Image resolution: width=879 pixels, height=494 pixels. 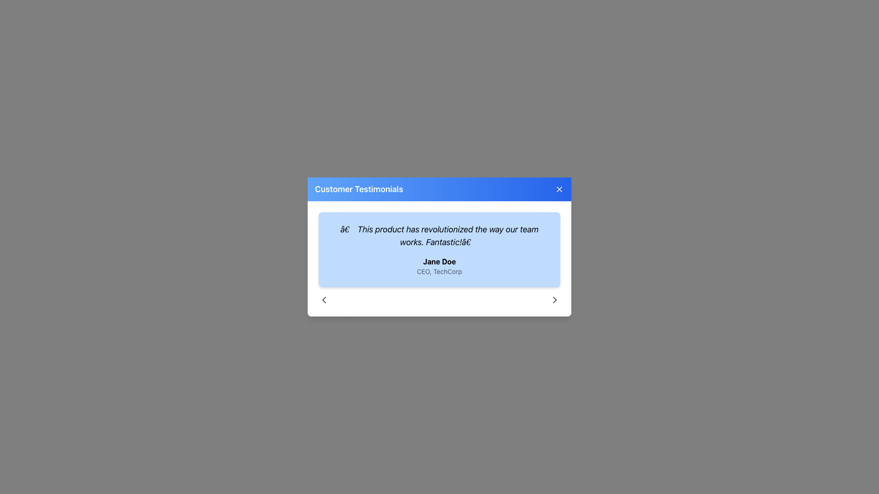 What do you see at coordinates (554, 300) in the screenshot?
I see `the right-pointing chevron icon located in the lower-right corner of the modal dialog containing customer testimonials` at bounding box center [554, 300].